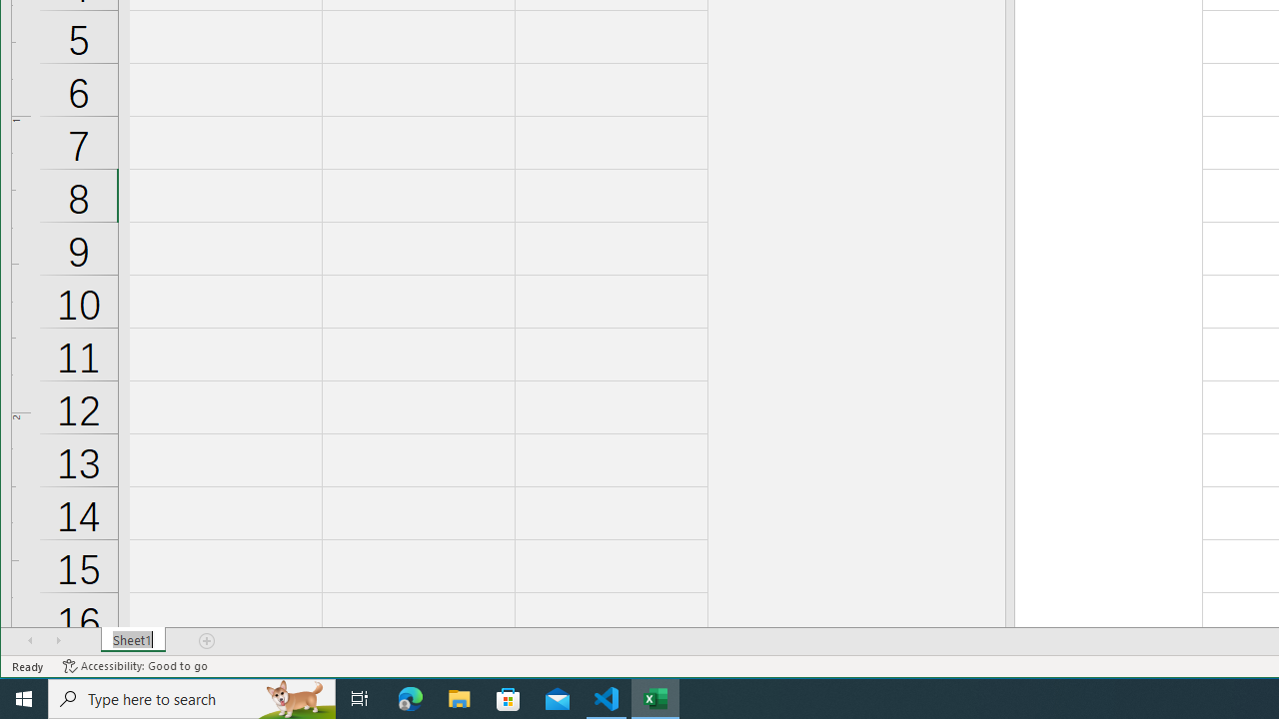  I want to click on 'Sheet Tab', so click(132, 640).